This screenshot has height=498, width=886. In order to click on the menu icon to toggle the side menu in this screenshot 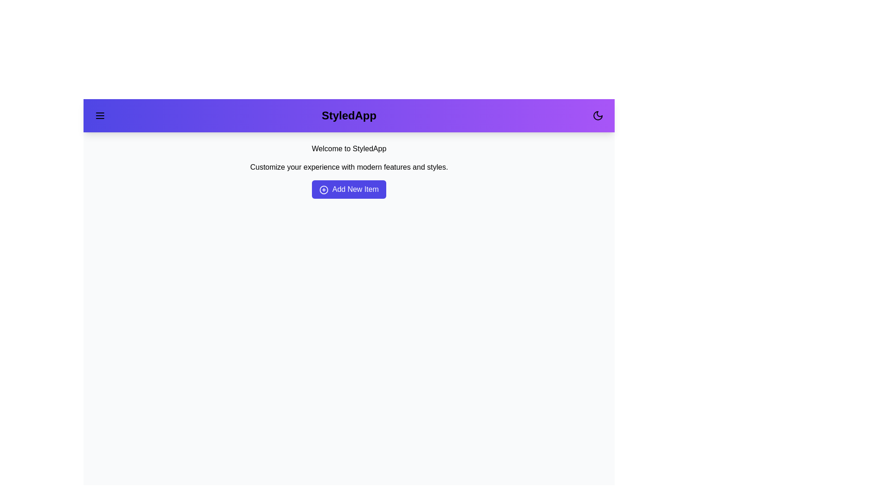, I will do `click(100, 115)`.